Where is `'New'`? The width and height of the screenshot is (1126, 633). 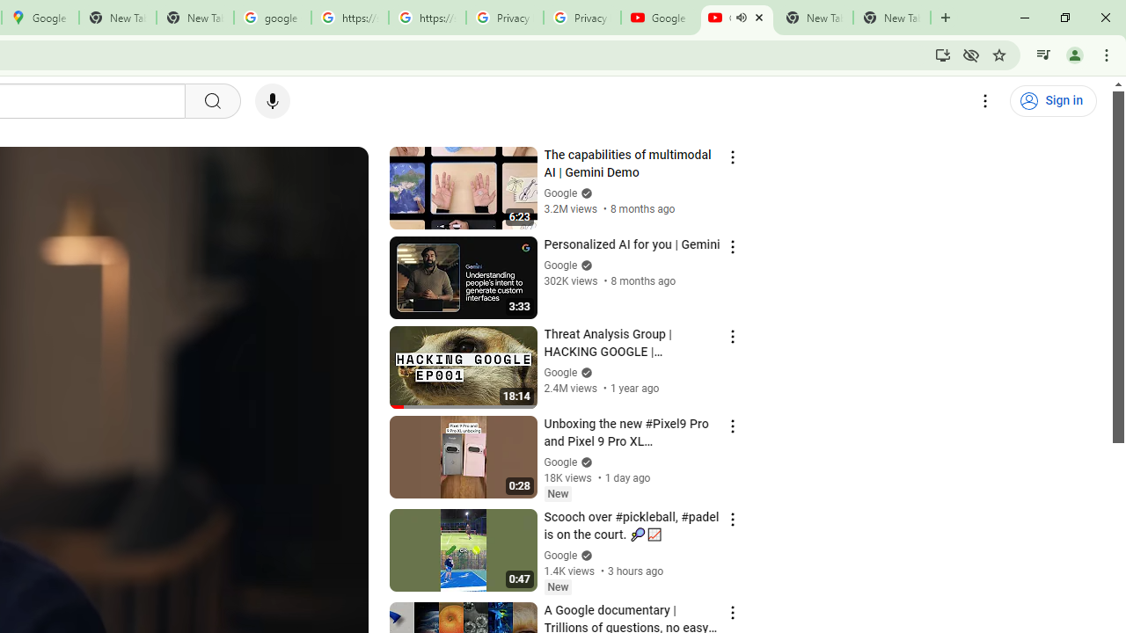
'New' is located at coordinates (557, 586).